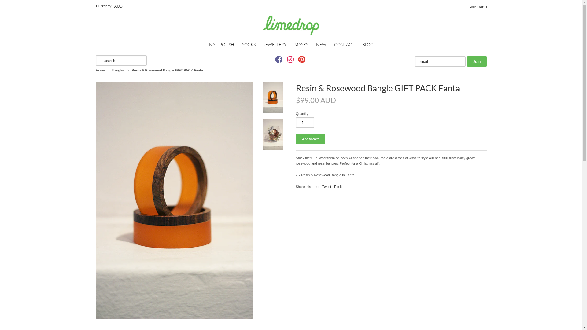  What do you see at coordinates (249, 44) in the screenshot?
I see `'SOCKS'` at bounding box center [249, 44].